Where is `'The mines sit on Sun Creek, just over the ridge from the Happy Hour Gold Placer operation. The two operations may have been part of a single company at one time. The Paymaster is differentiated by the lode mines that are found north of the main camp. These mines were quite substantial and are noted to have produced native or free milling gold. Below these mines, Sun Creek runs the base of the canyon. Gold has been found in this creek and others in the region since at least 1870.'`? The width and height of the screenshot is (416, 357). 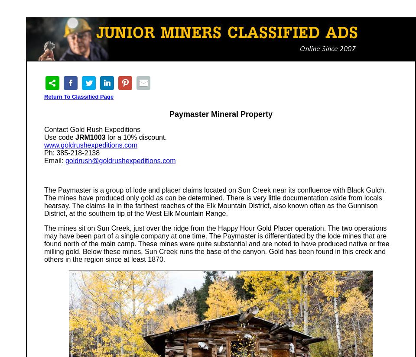
'The mines sit on Sun Creek, just over the ridge from the Happy Hour Gold Placer operation. The two operations may have been part of a single company at one time. The Paymaster is differentiated by the lode mines that are found north of the main camp. These mines were quite substantial and are noted to have produced native or free milling gold. Below these mines, Sun Creek runs the base of the canyon. Gold has been found in this creek and others in the region since at least 1870.' is located at coordinates (216, 244).